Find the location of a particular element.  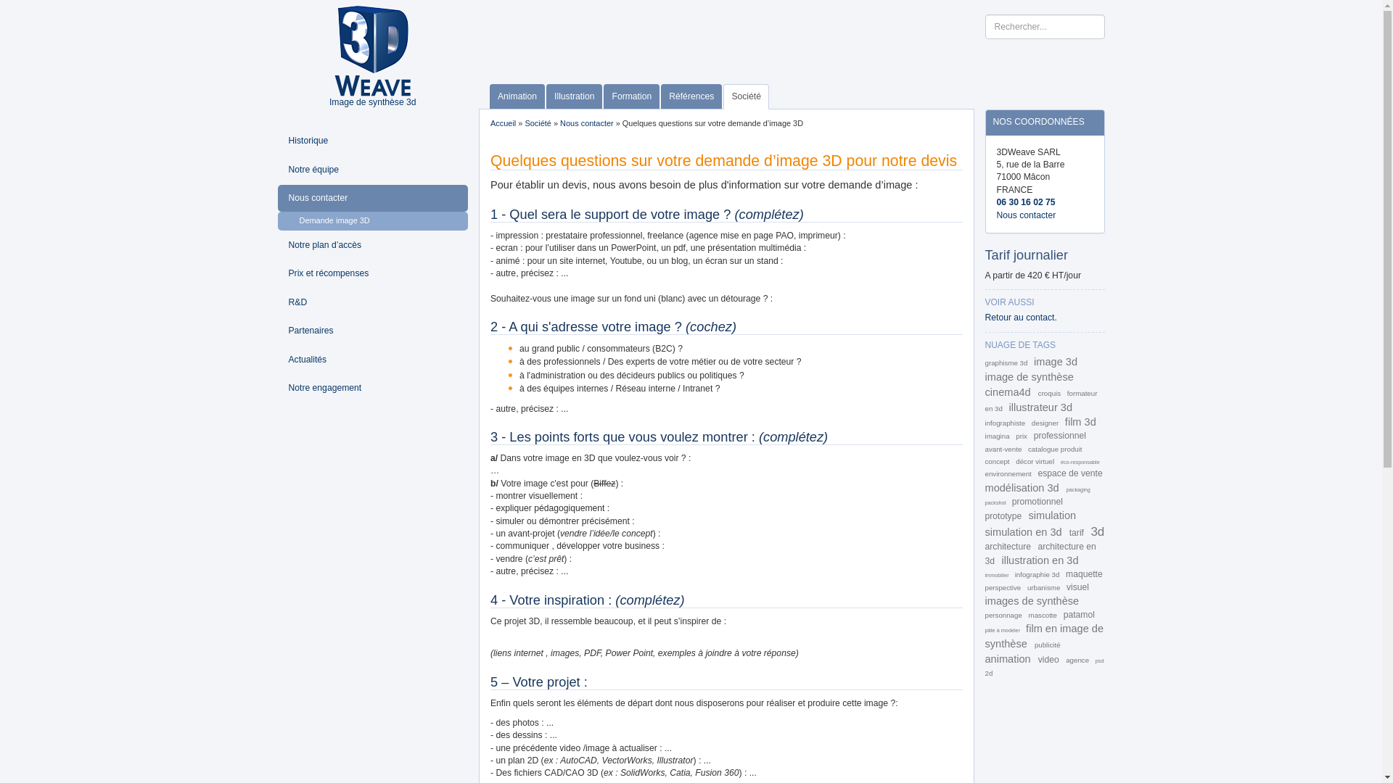

'image 3d' is located at coordinates (1055, 360).